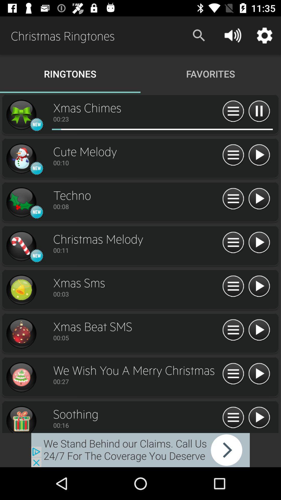 This screenshot has height=500, width=281. I want to click on setting button, so click(233, 155).